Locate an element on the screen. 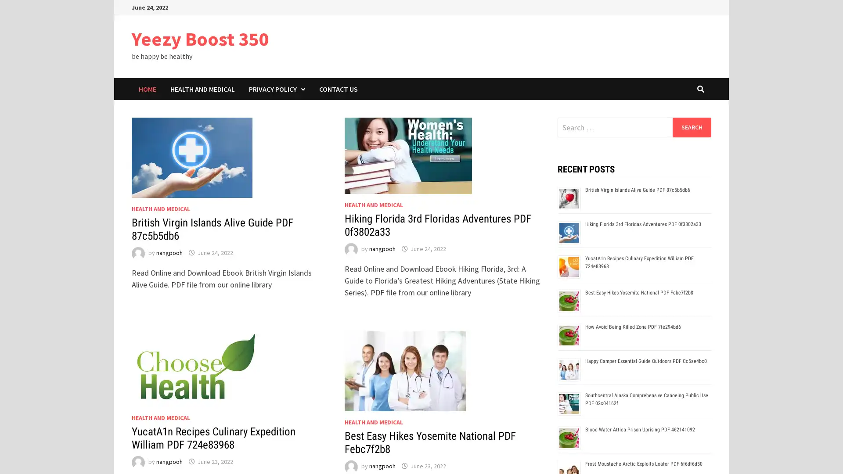 The height and width of the screenshot is (474, 843). Search is located at coordinates (691, 127).